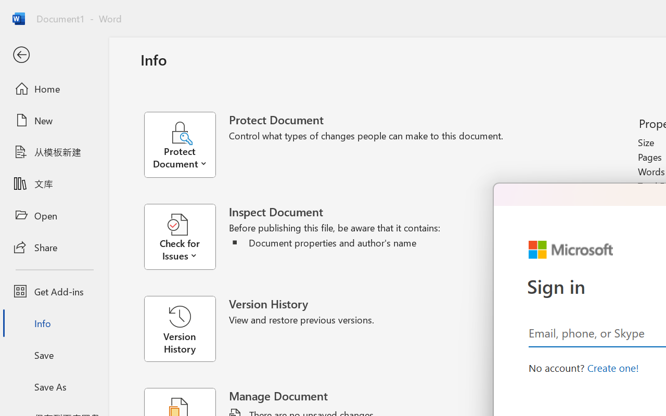 The image size is (666, 416). Describe the element at coordinates (180, 329) in the screenshot. I see `'Version History'` at that location.